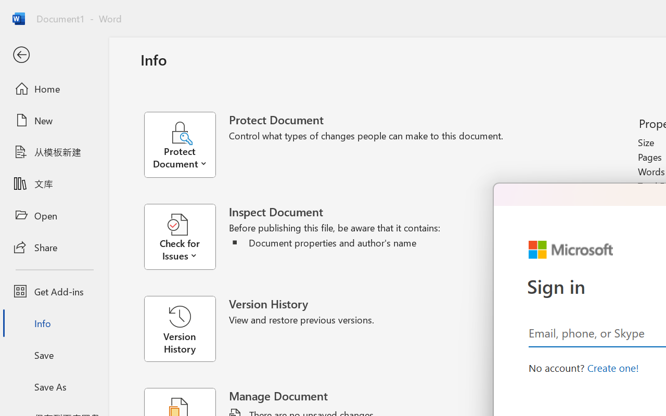 The image size is (666, 416). Describe the element at coordinates (180, 329) in the screenshot. I see `'Version History'` at that location.